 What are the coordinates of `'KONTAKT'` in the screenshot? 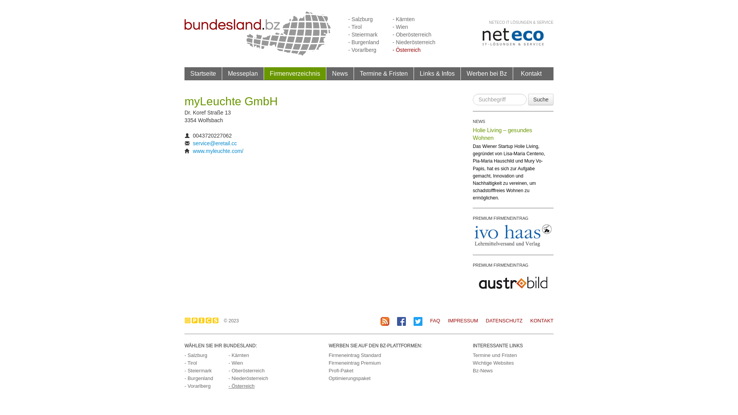 It's located at (538, 320).